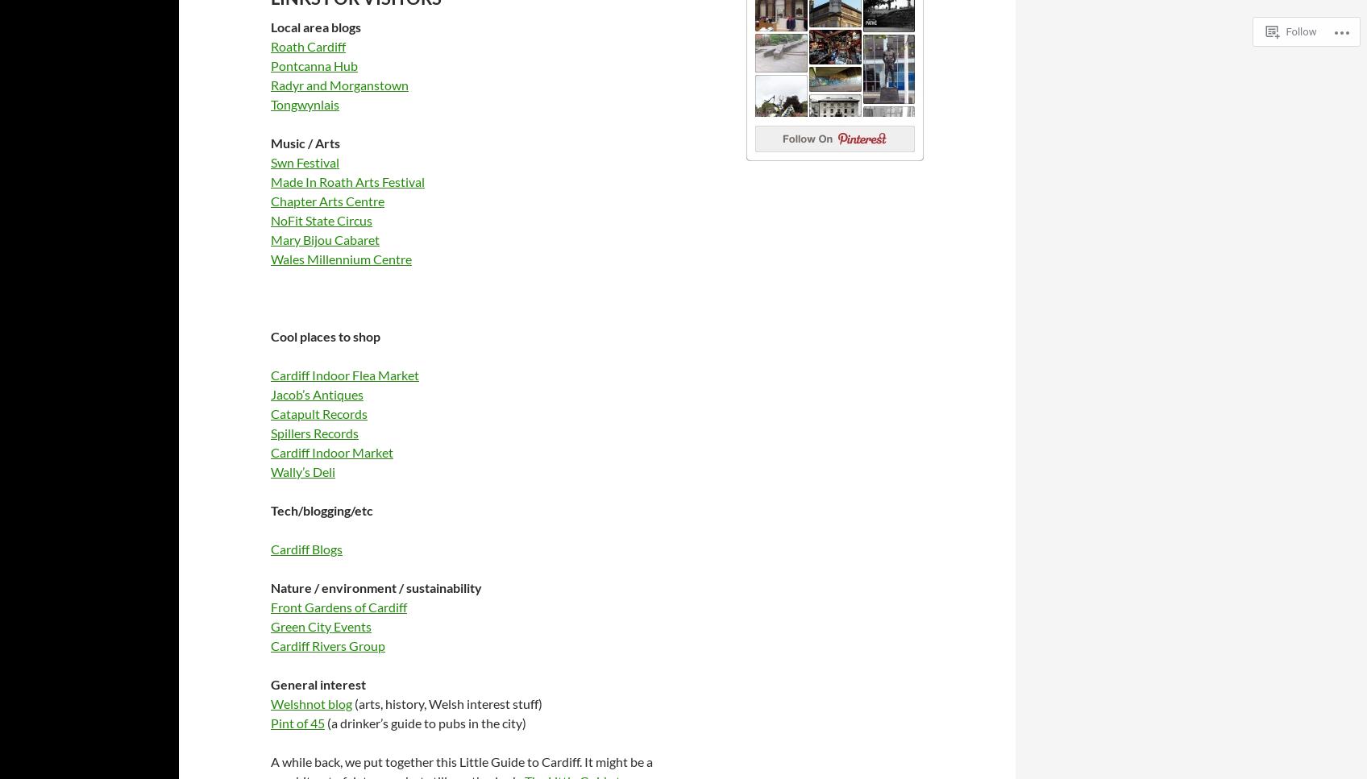 The width and height of the screenshot is (1367, 779). What do you see at coordinates (340, 258) in the screenshot?
I see `'Wales Millennium Centre'` at bounding box center [340, 258].